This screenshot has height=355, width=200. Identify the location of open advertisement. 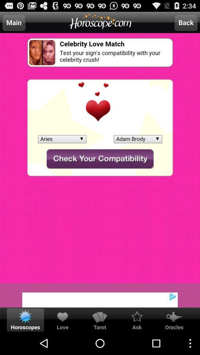
(100, 295).